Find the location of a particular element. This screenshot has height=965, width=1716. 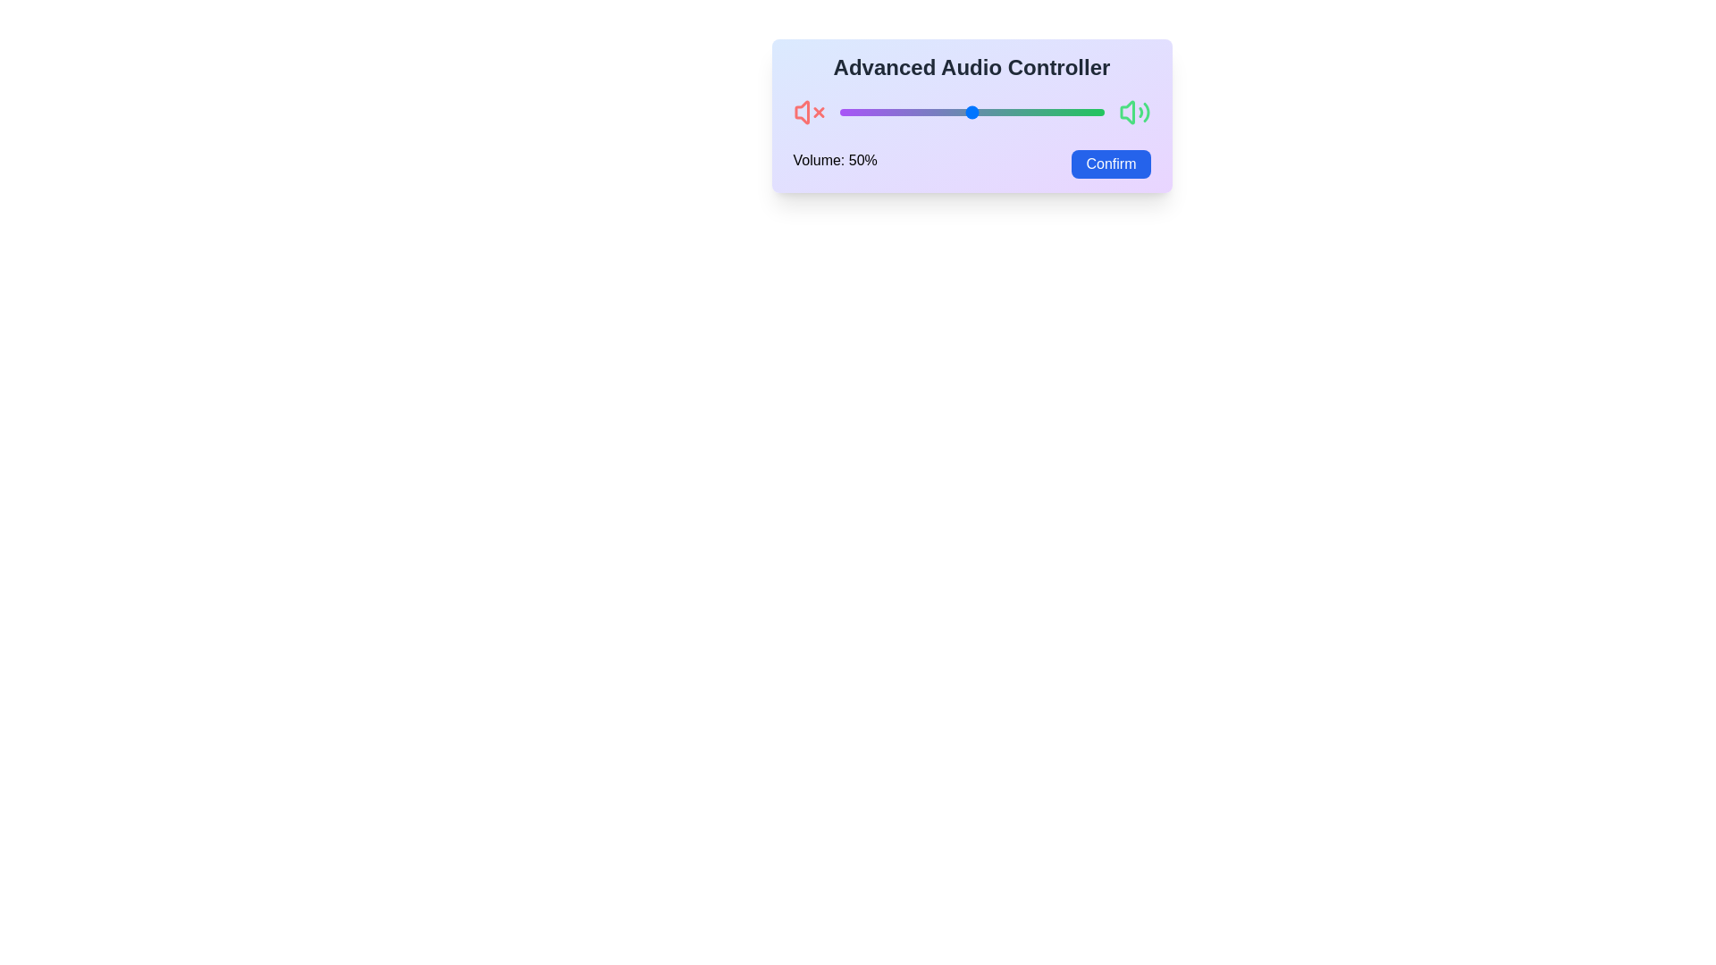

the volume slider to set the volume to 97% is located at coordinates (1095, 113).